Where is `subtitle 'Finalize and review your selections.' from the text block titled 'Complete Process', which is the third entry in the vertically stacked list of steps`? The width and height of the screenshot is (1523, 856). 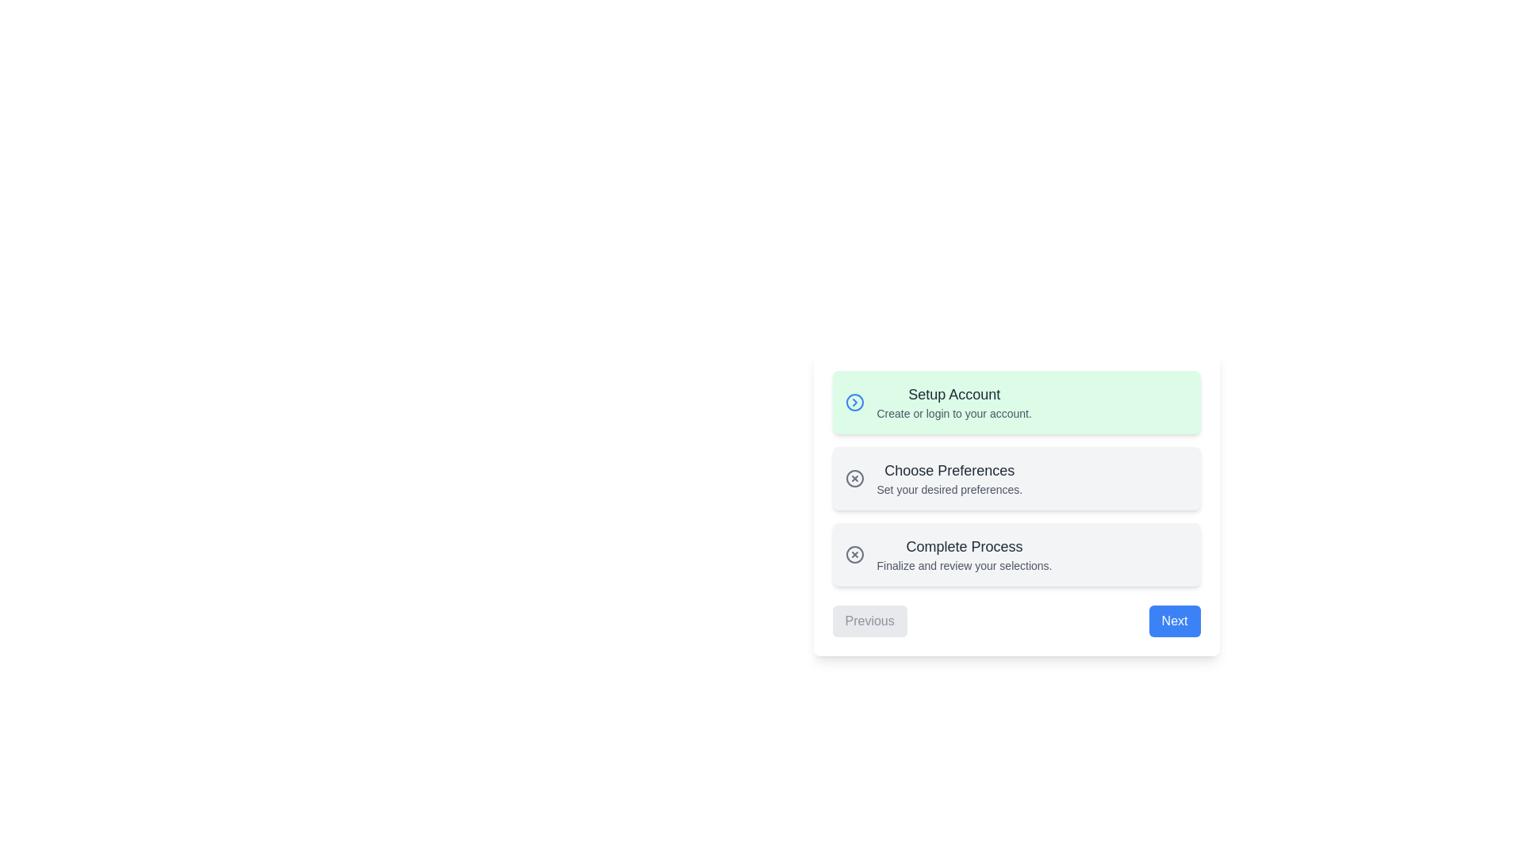 subtitle 'Finalize and review your selections.' from the text block titled 'Complete Process', which is the third entry in the vertically stacked list of steps is located at coordinates (963, 553).